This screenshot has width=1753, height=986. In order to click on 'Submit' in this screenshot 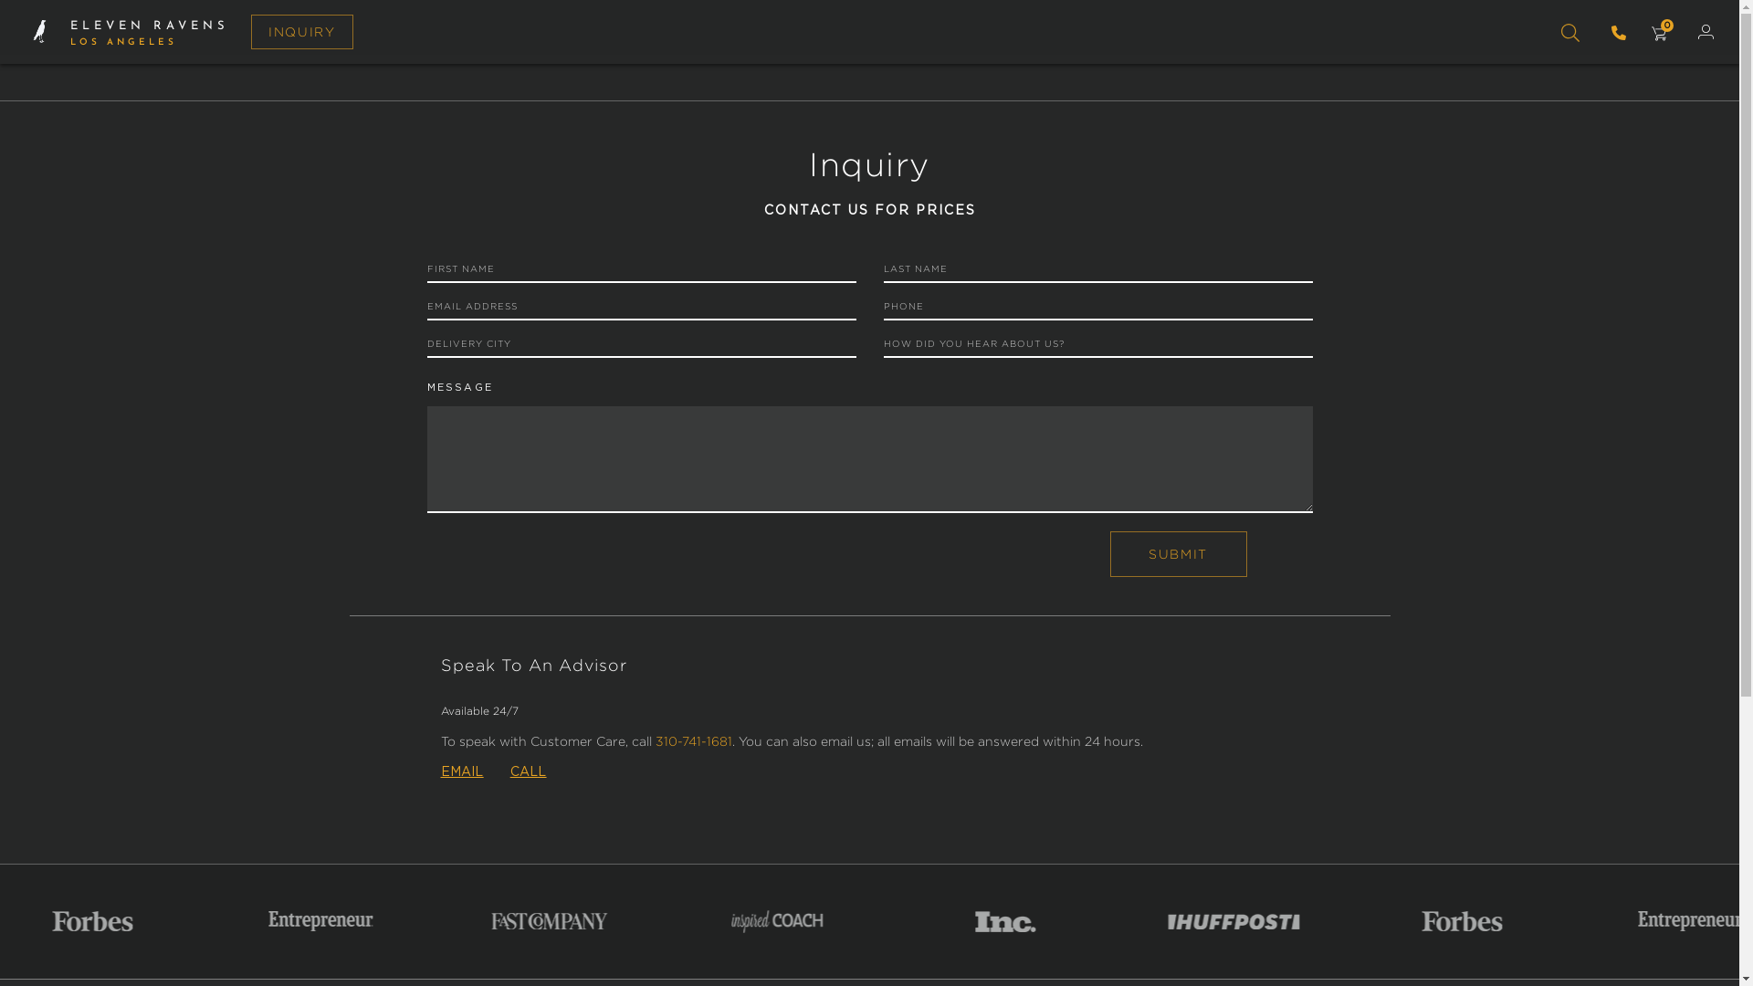, I will do `click(1179, 552)`.